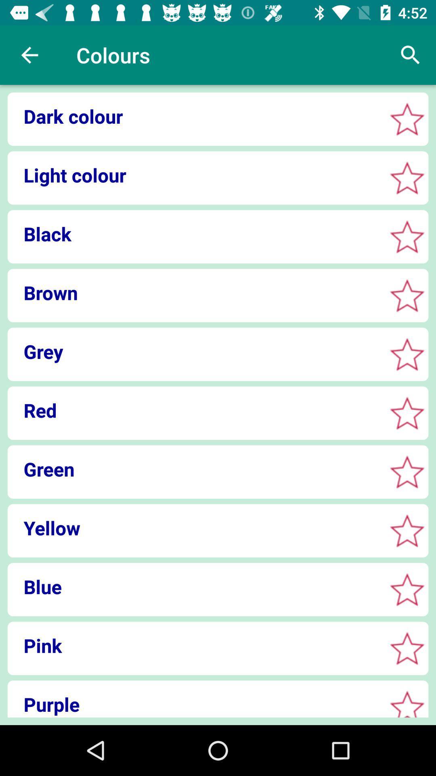 This screenshot has width=436, height=776. I want to click on to favorites, so click(407, 118).